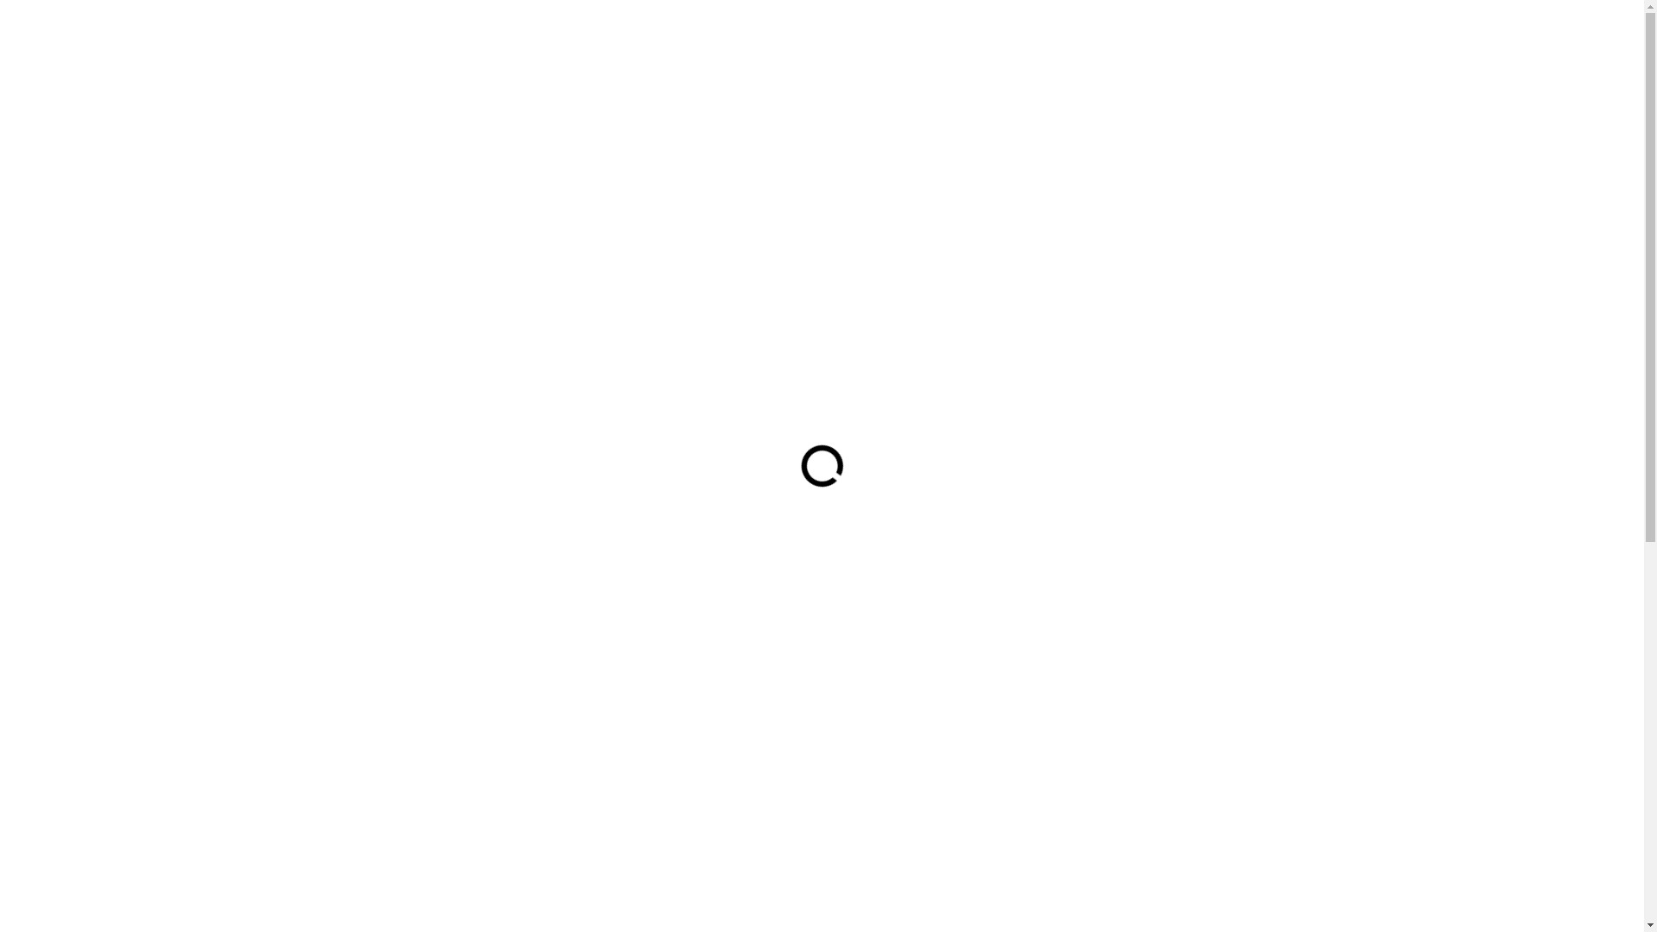  I want to click on 'ENROLMENT', so click(994, 62).